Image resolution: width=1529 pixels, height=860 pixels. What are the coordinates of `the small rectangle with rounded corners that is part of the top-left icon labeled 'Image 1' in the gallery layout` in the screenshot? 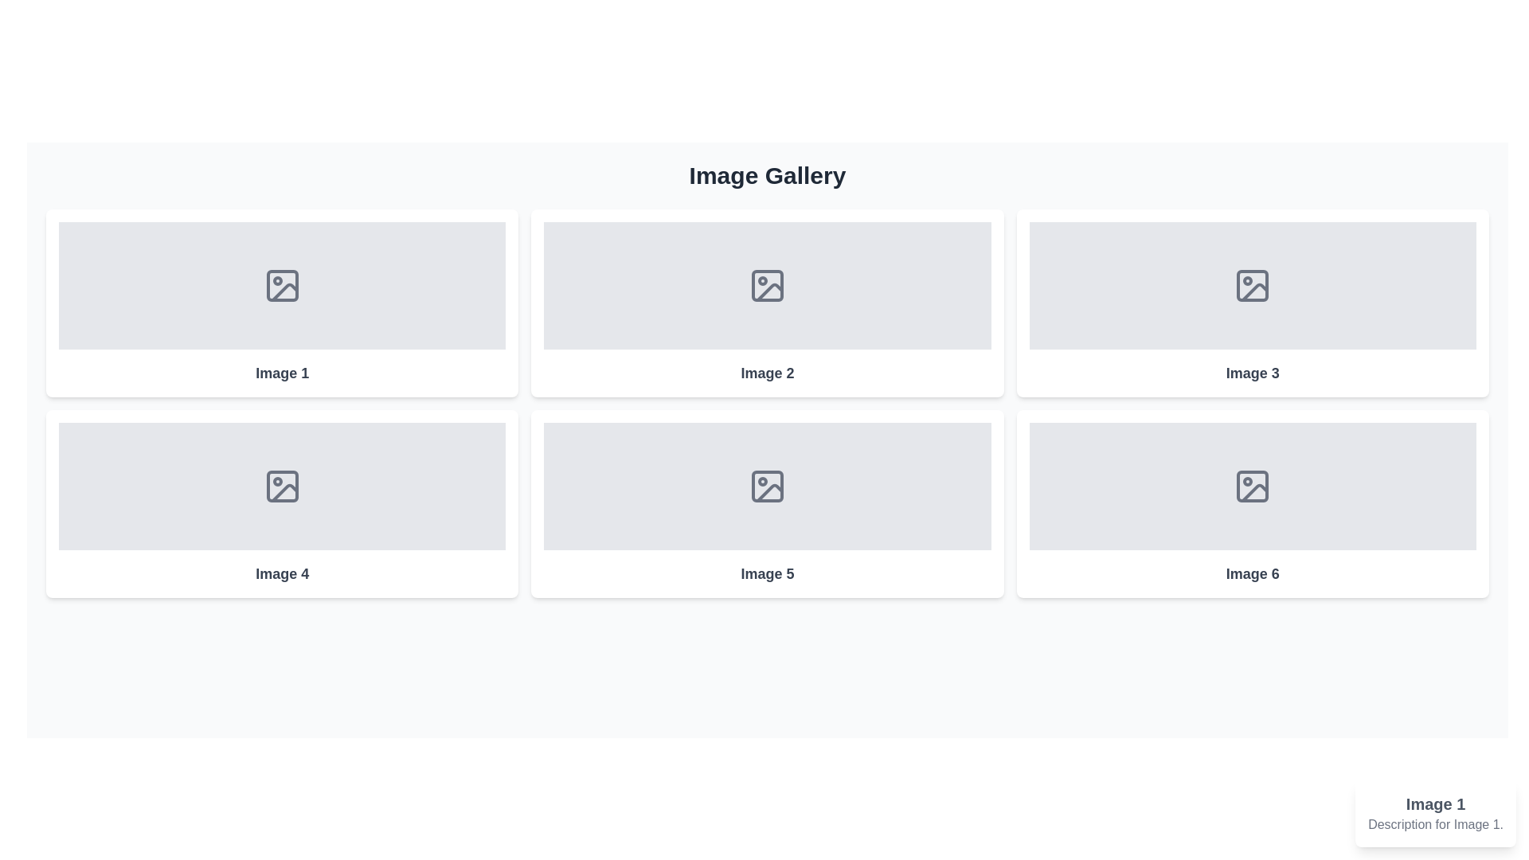 It's located at (282, 284).